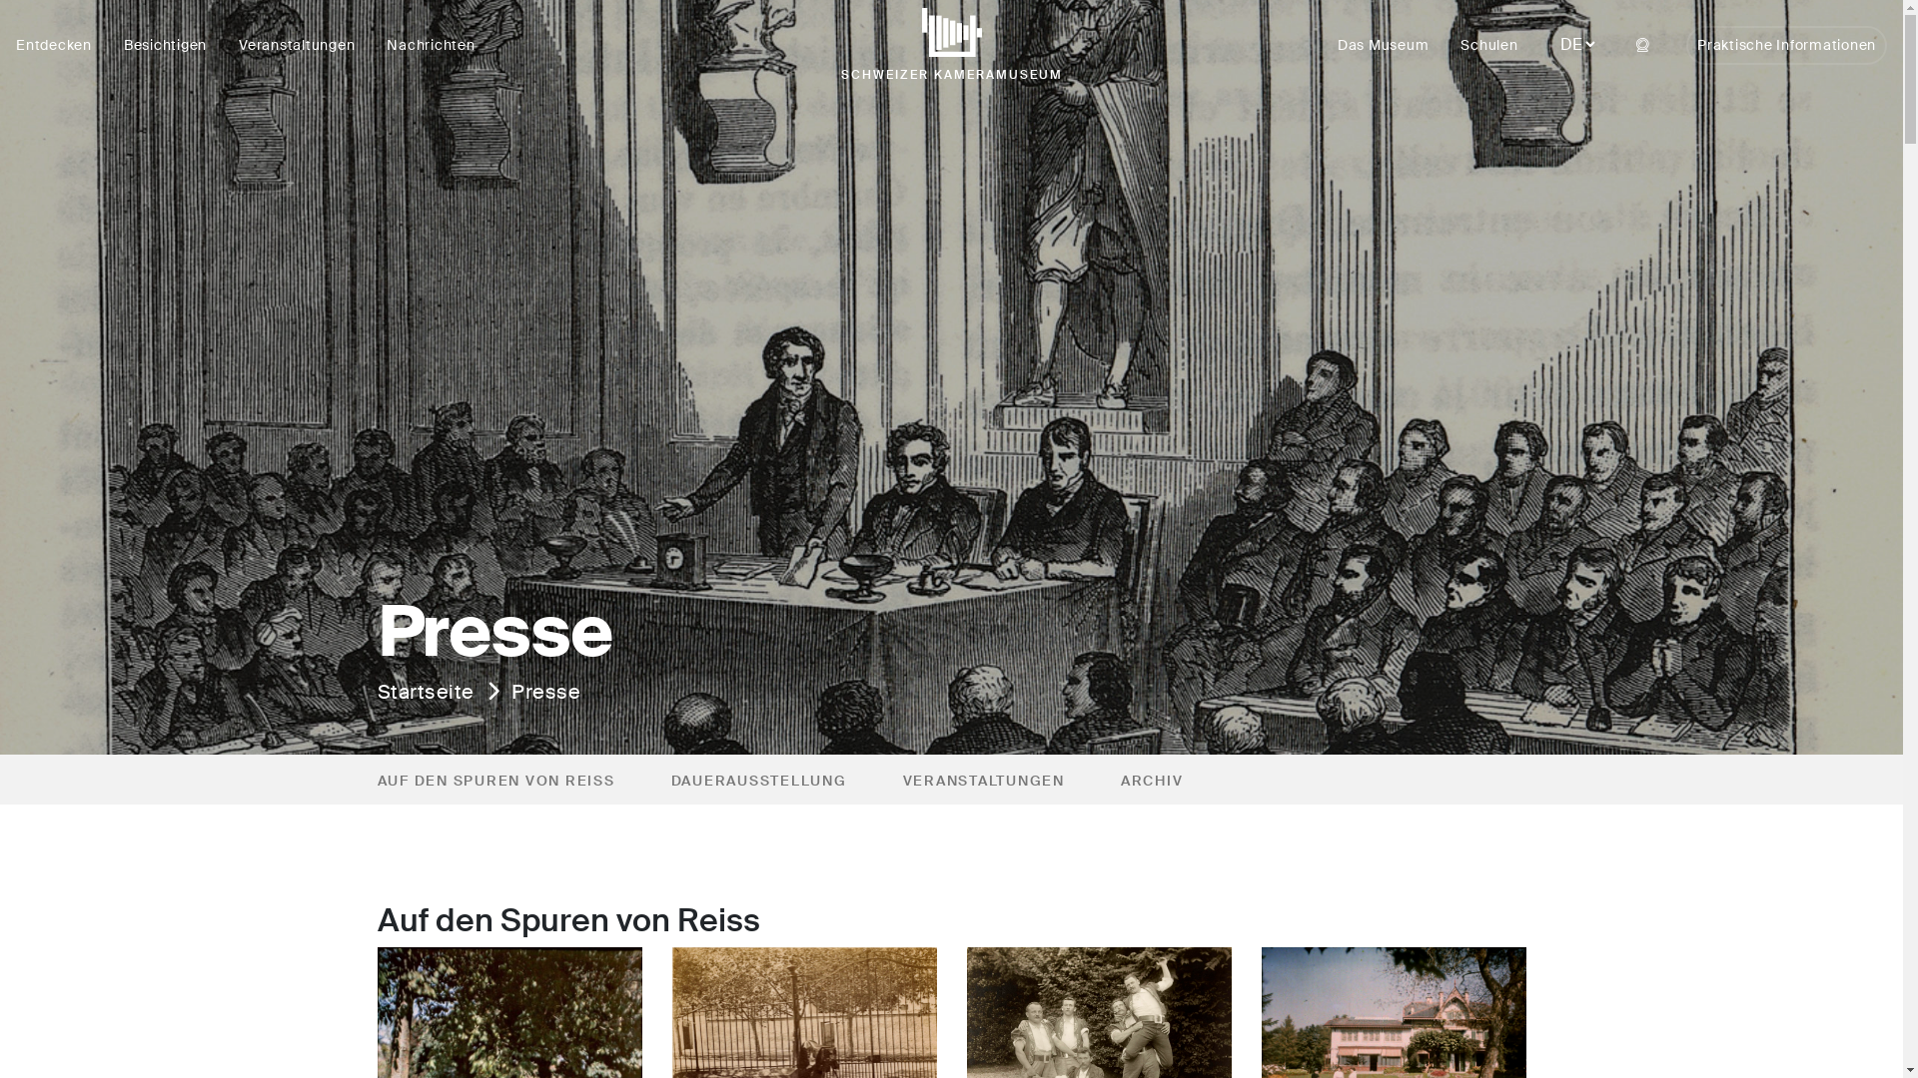 Image resolution: width=1918 pixels, height=1078 pixels. I want to click on 'ARCHIV', so click(1152, 780).